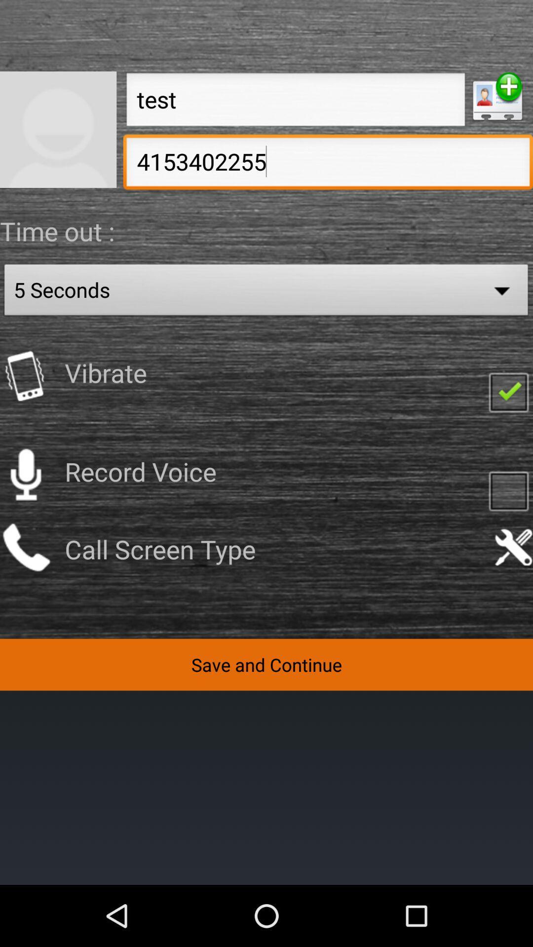  I want to click on record voice, so click(25, 474).